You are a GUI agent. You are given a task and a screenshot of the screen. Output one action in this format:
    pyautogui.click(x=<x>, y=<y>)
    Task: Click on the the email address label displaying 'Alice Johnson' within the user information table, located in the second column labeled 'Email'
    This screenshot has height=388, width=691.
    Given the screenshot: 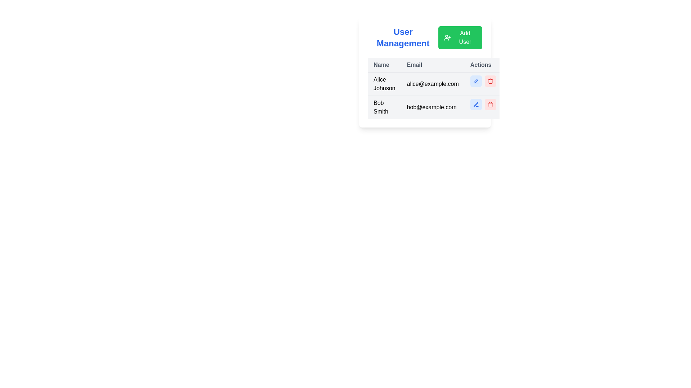 What is the action you would take?
    pyautogui.click(x=432, y=84)
    